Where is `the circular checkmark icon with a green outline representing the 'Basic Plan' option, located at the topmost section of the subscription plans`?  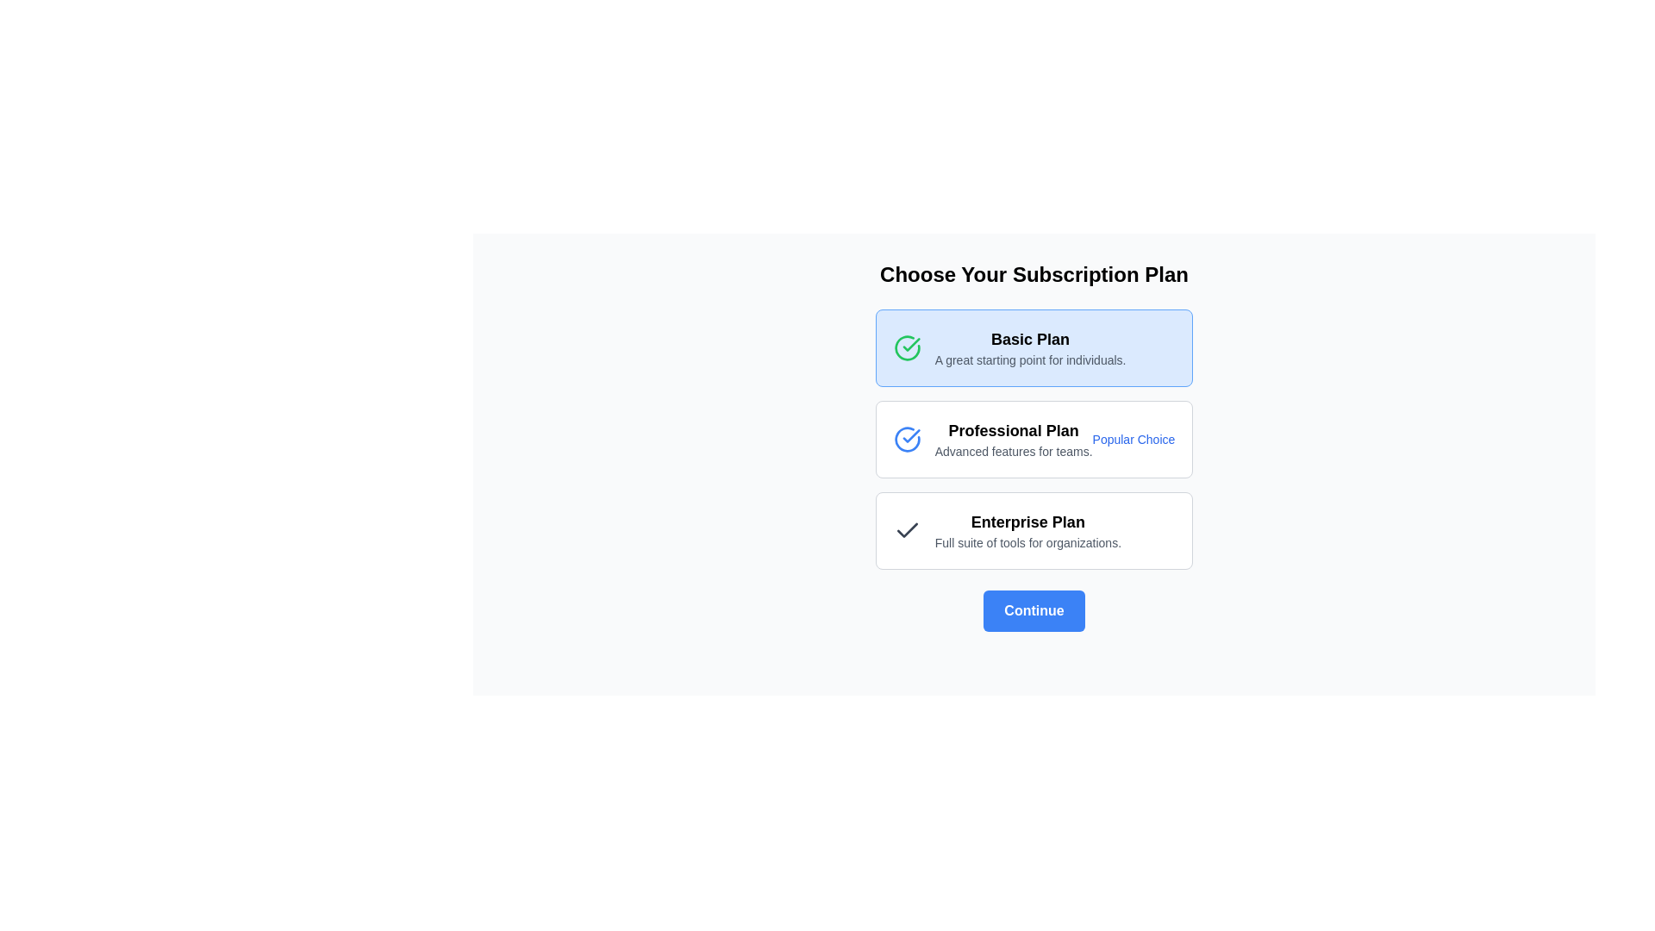 the circular checkmark icon with a green outline representing the 'Basic Plan' option, located at the topmost section of the subscription plans is located at coordinates (906, 348).